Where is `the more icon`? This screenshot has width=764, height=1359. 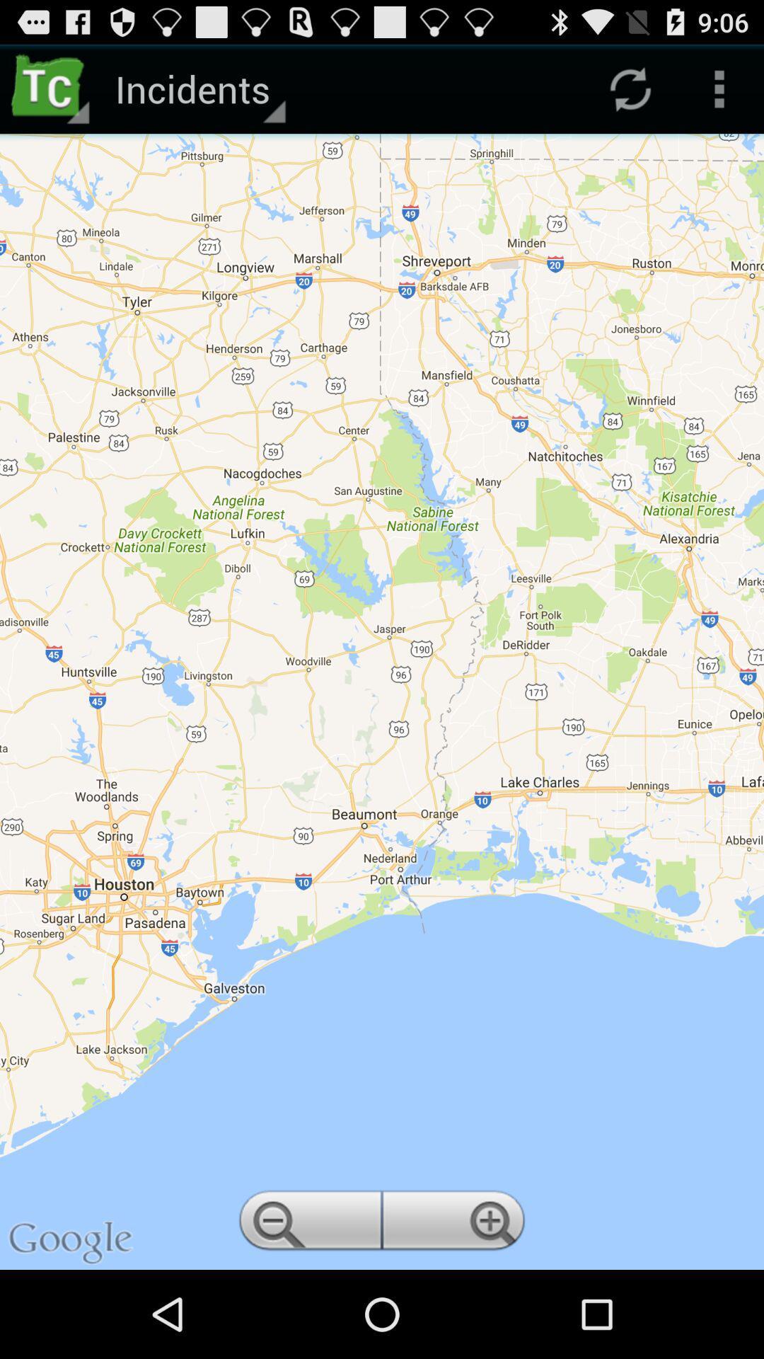
the more icon is located at coordinates (719, 94).